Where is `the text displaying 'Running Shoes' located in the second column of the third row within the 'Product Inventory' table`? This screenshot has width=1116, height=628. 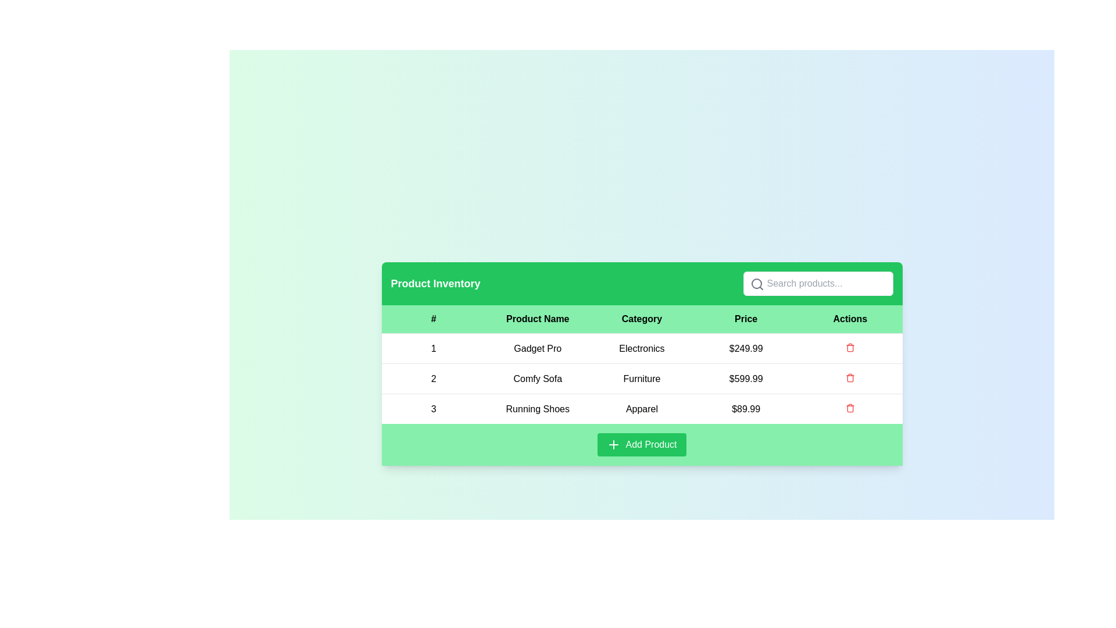
the text displaying 'Running Shoes' located in the second column of the third row within the 'Product Inventory' table is located at coordinates (537, 408).